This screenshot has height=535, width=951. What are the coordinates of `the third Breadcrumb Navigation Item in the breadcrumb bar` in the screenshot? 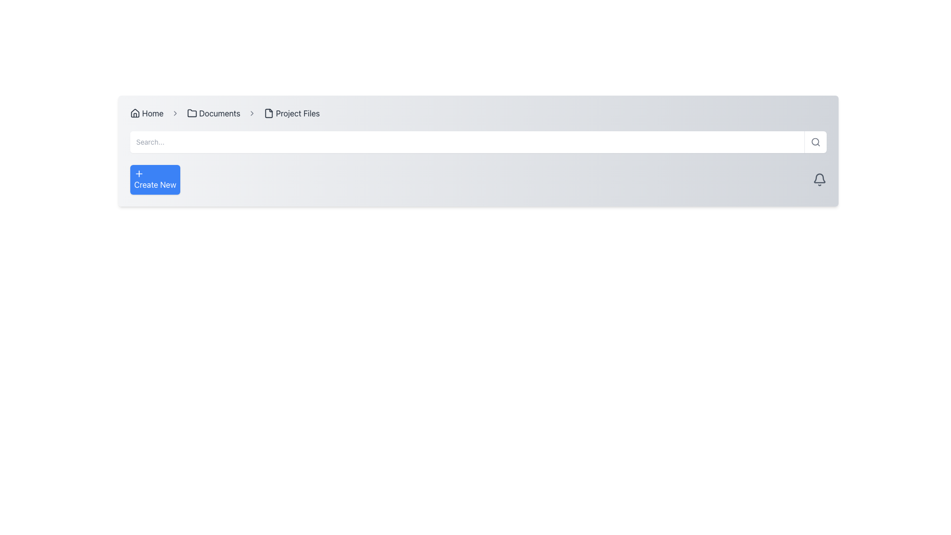 It's located at (291, 112).